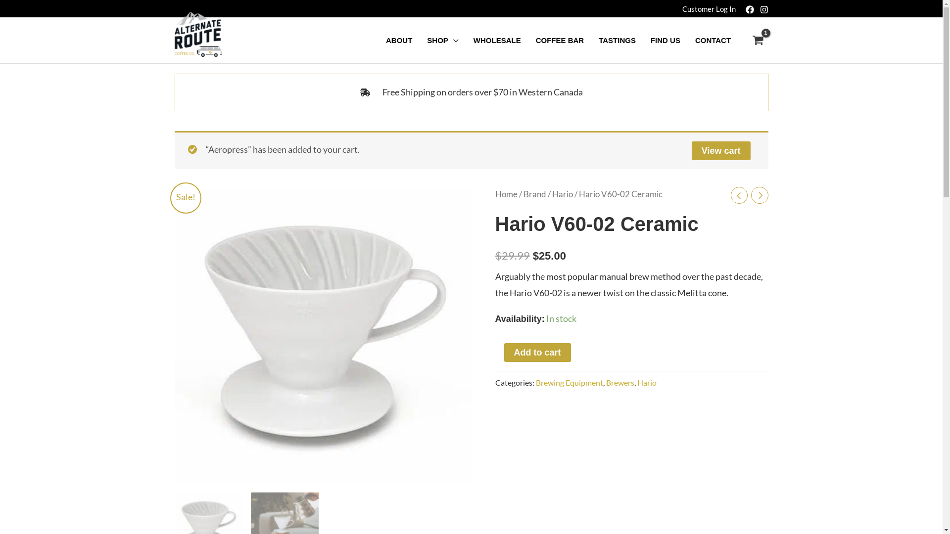 The image size is (950, 534). What do you see at coordinates (399, 40) in the screenshot?
I see `'ABOUT'` at bounding box center [399, 40].